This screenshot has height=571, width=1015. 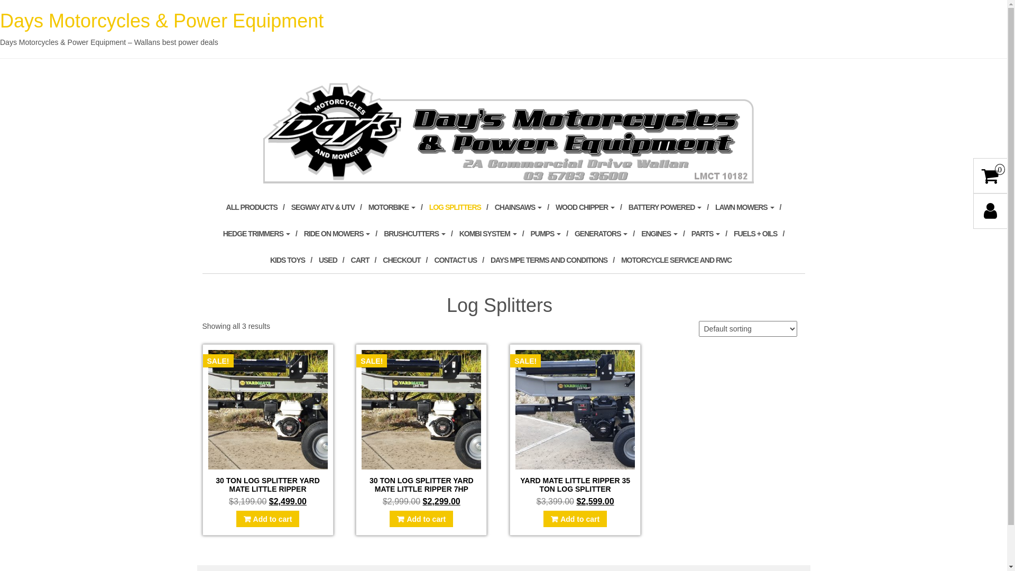 I want to click on 'ENGINES', so click(x=662, y=233).